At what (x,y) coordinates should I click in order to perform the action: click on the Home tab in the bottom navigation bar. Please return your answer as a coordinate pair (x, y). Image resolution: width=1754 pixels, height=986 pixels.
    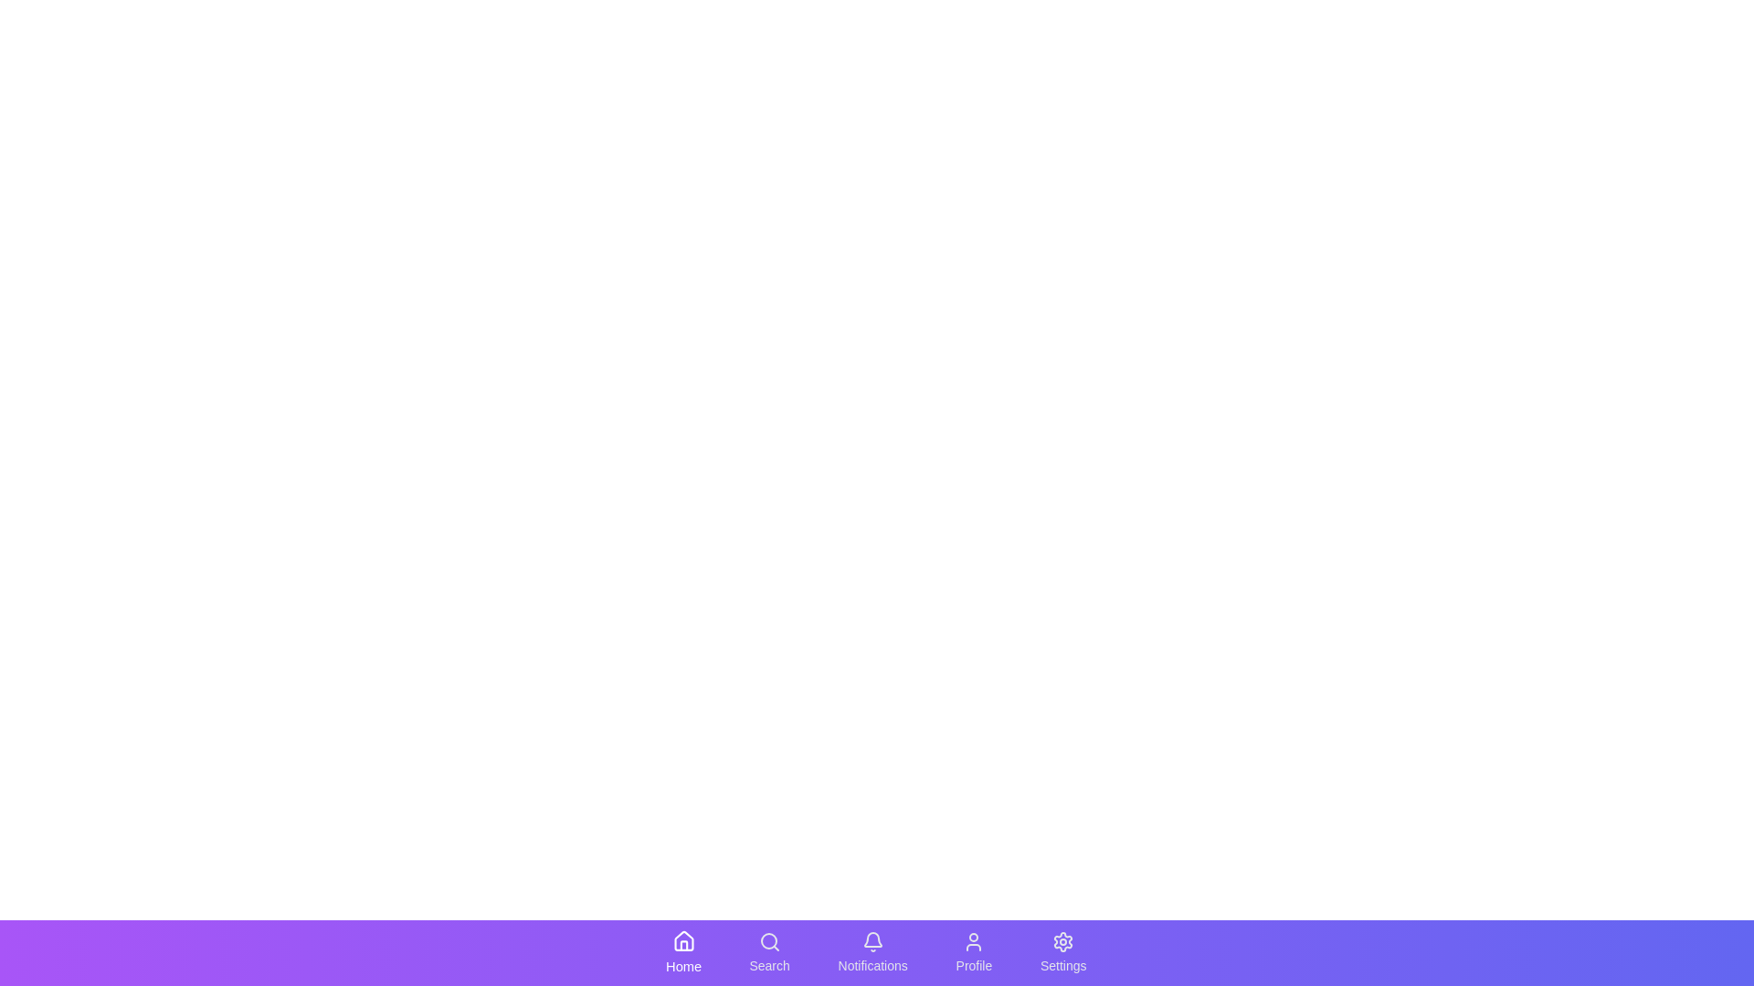
    Looking at the image, I should click on (682, 952).